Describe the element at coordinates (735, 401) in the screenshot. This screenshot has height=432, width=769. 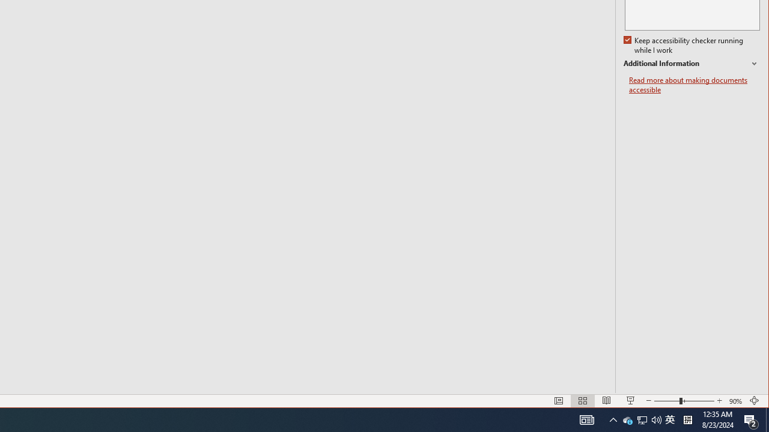
I see `'Zoom 90%'` at that location.